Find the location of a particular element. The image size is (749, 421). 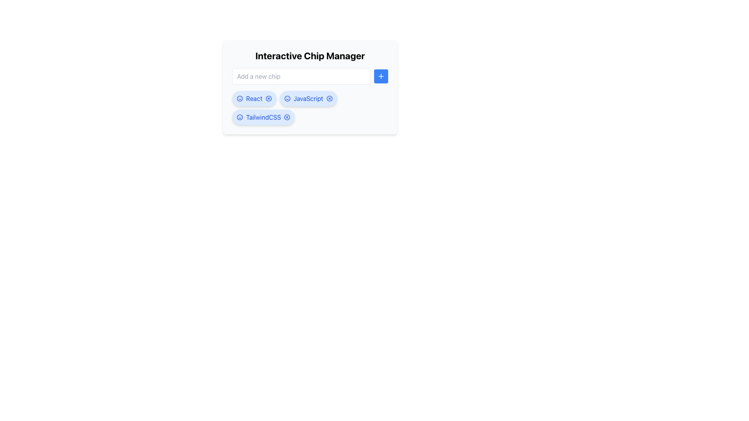

the small smiley face icon located to the left of the 'JavaScript' label in the 'Interactive Chip Manager' interface is located at coordinates (287, 98).